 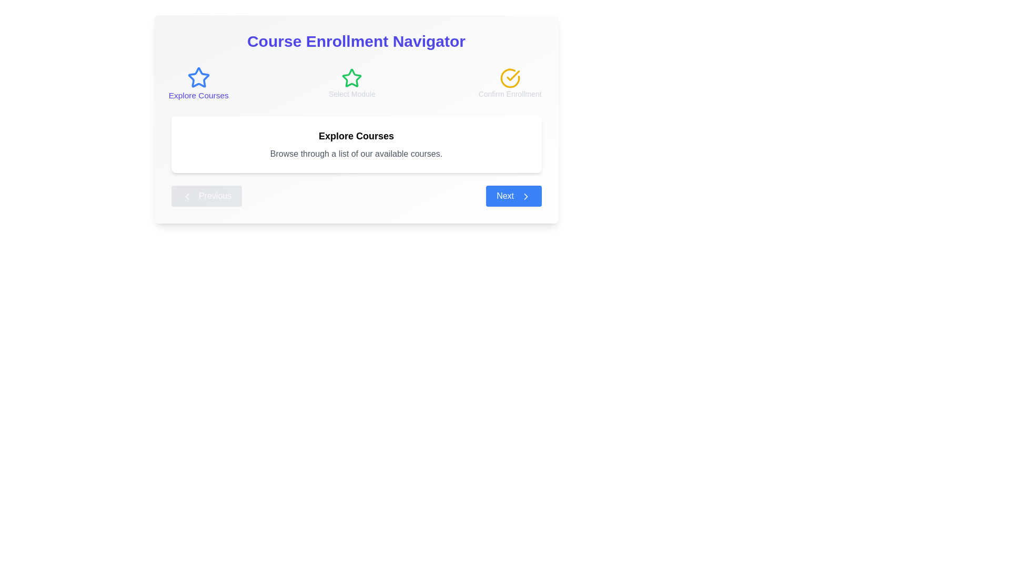 What do you see at coordinates (513, 196) in the screenshot?
I see `the 'Next' button to proceed to the next step in the course selector` at bounding box center [513, 196].